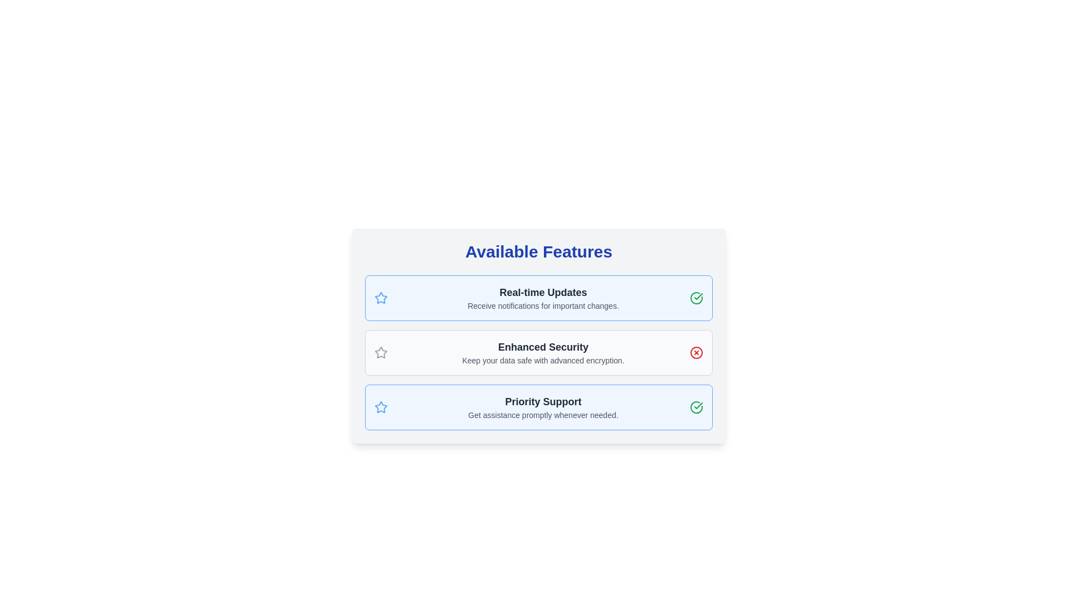  What do you see at coordinates (538, 407) in the screenshot?
I see `the 'Priority Support' informational section, which is the last item under 'Available Features' and follows 'Enhanced Security'` at bounding box center [538, 407].